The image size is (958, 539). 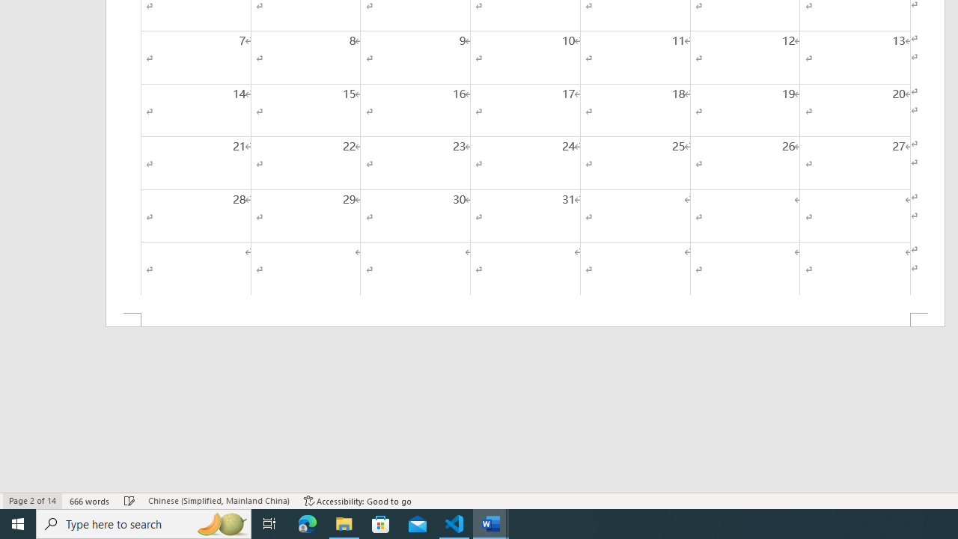 What do you see at coordinates (525, 319) in the screenshot?
I see `'Footer -Section 1-'` at bounding box center [525, 319].